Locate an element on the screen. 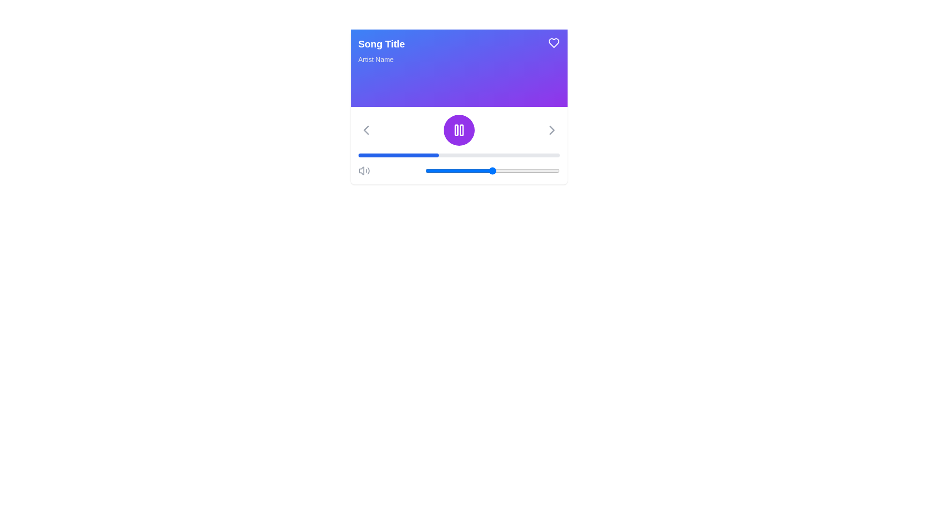  volume is located at coordinates (546, 170).